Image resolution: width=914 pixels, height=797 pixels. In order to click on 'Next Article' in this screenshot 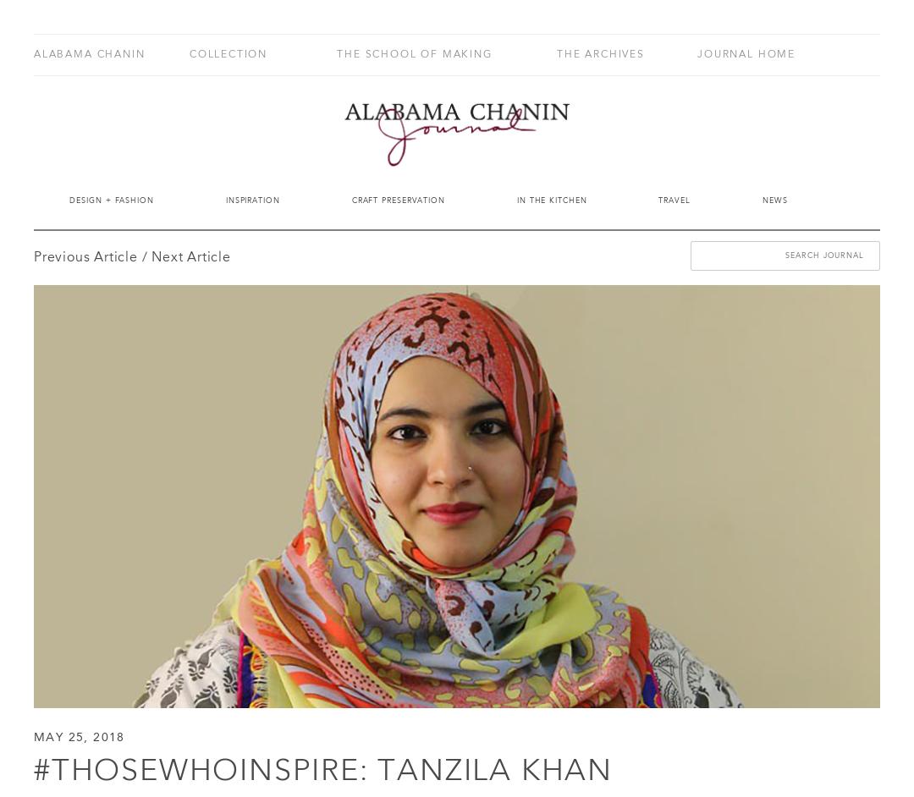, I will do `click(190, 258)`.